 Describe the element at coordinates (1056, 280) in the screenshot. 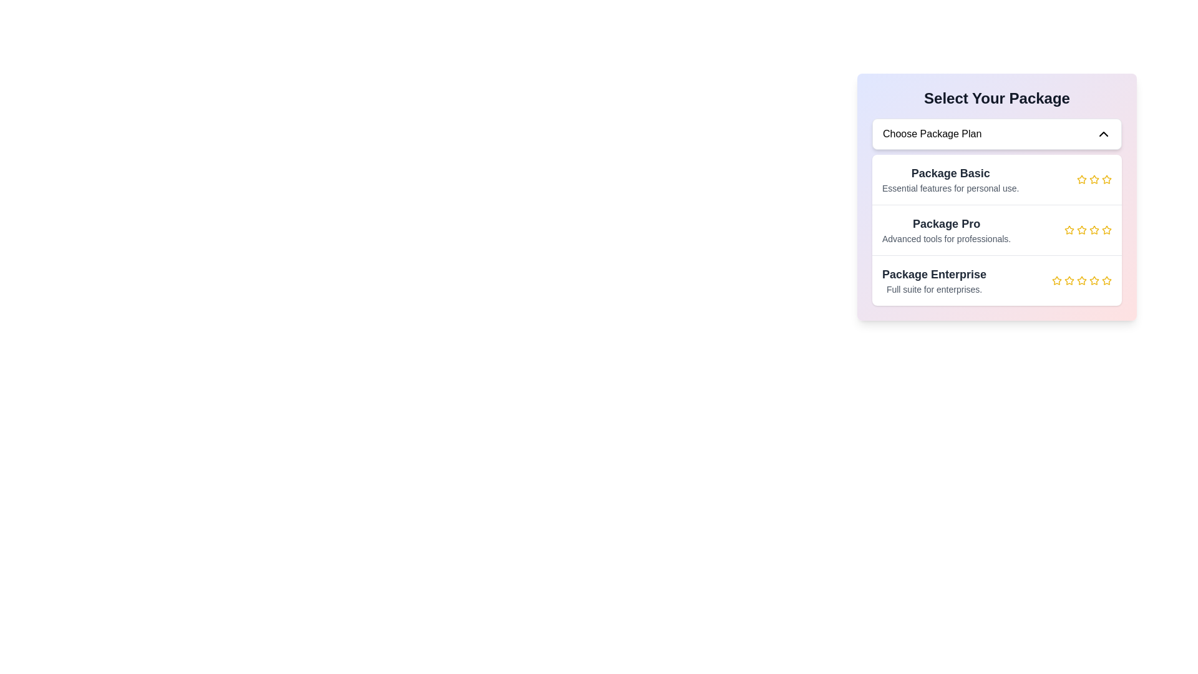

I see `the second star in the five-star rating system for the 'Package Enterprise' item to rate it` at that location.